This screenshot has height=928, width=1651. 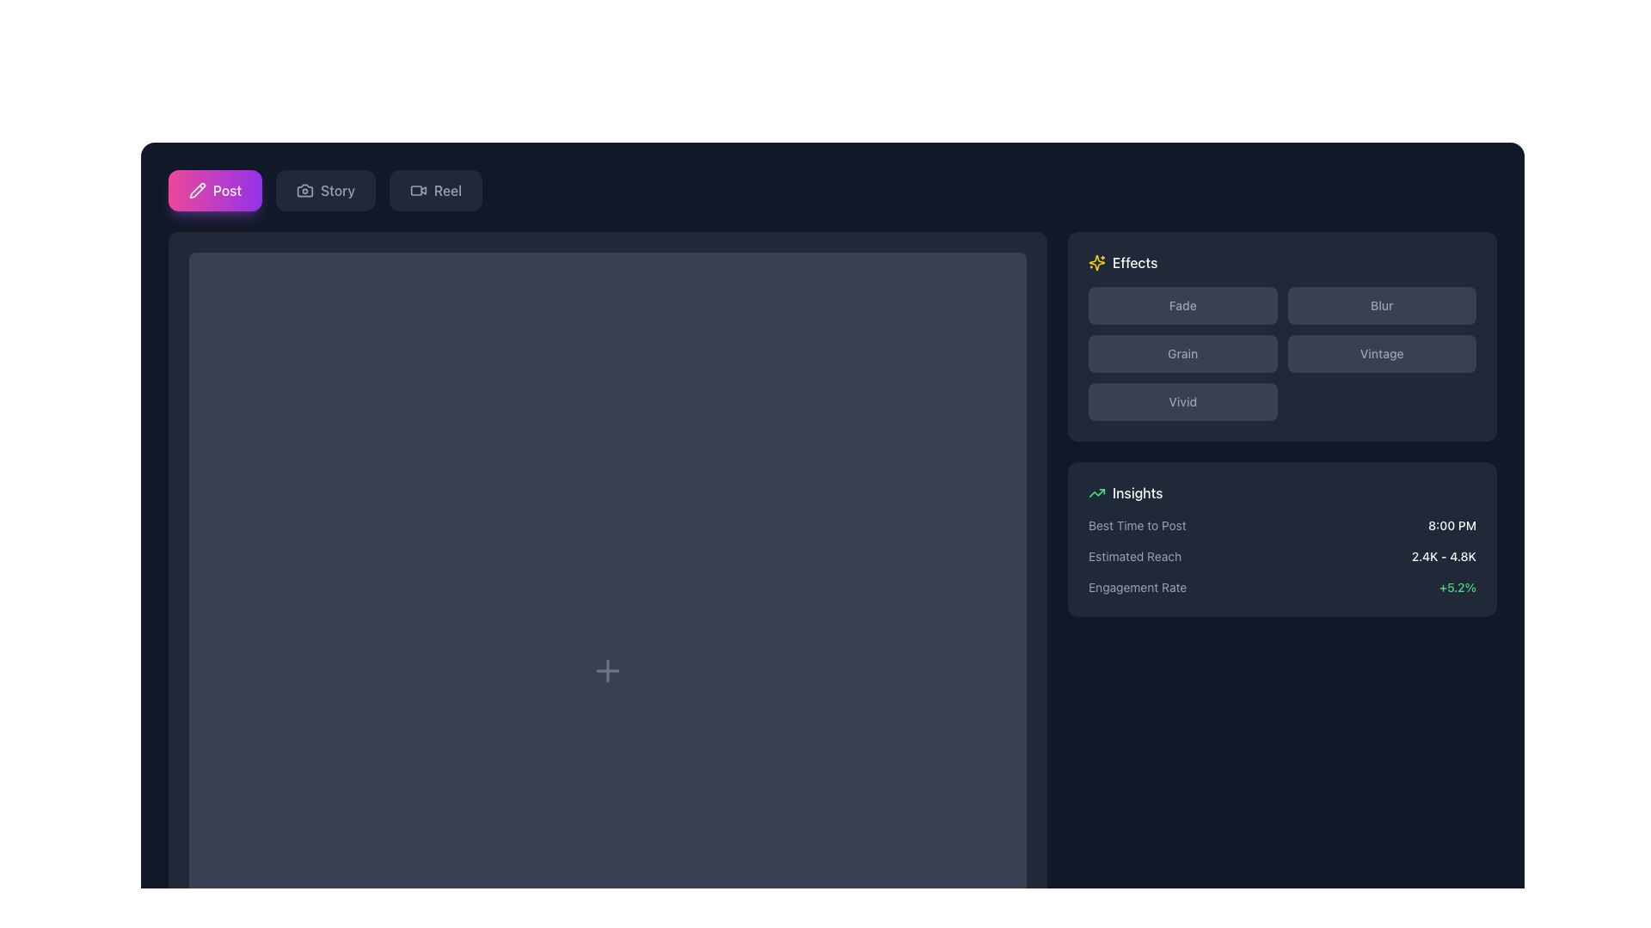 What do you see at coordinates (1096, 493) in the screenshot?
I see `the small green upward trending arrow icon located next to the 'Insights' text in the bottom right corner of the interface` at bounding box center [1096, 493].